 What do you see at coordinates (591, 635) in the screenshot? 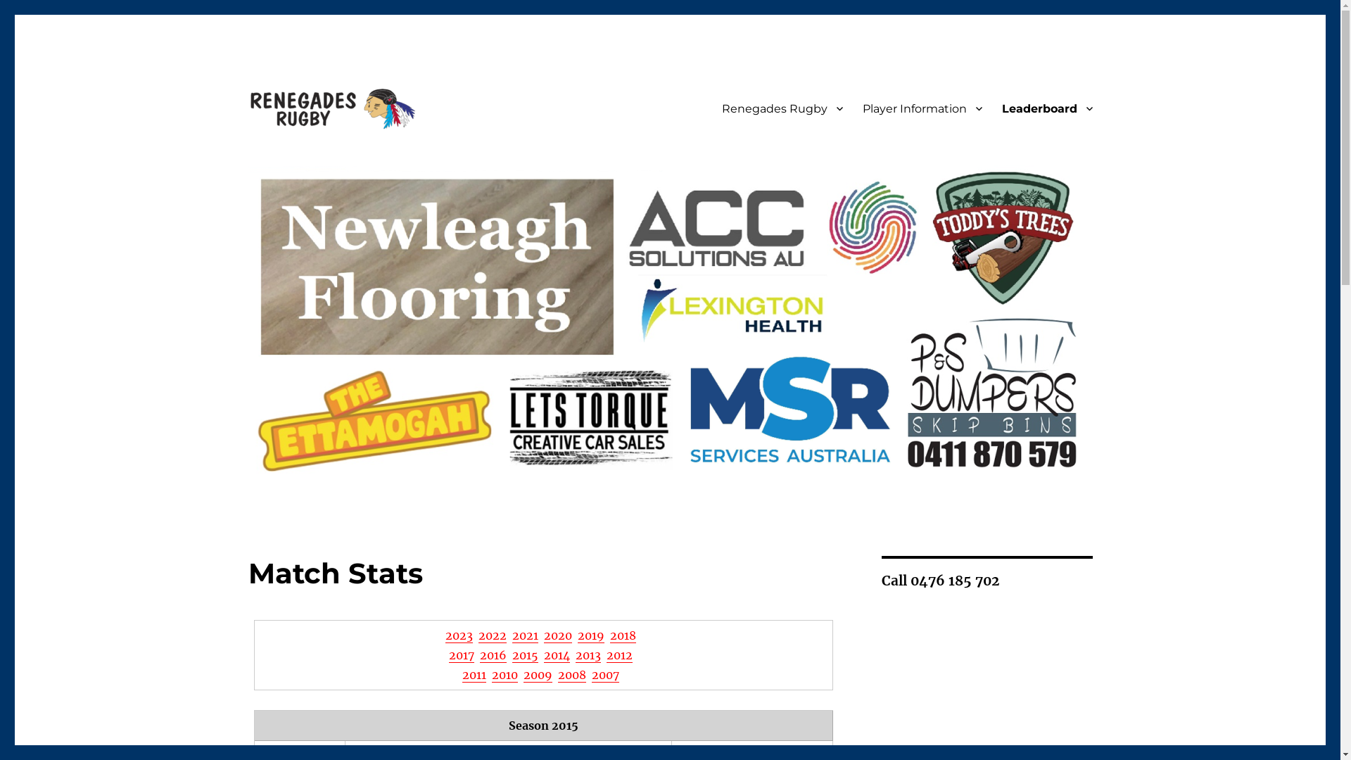
I see `'2019'` at bounding box center [591, 635].